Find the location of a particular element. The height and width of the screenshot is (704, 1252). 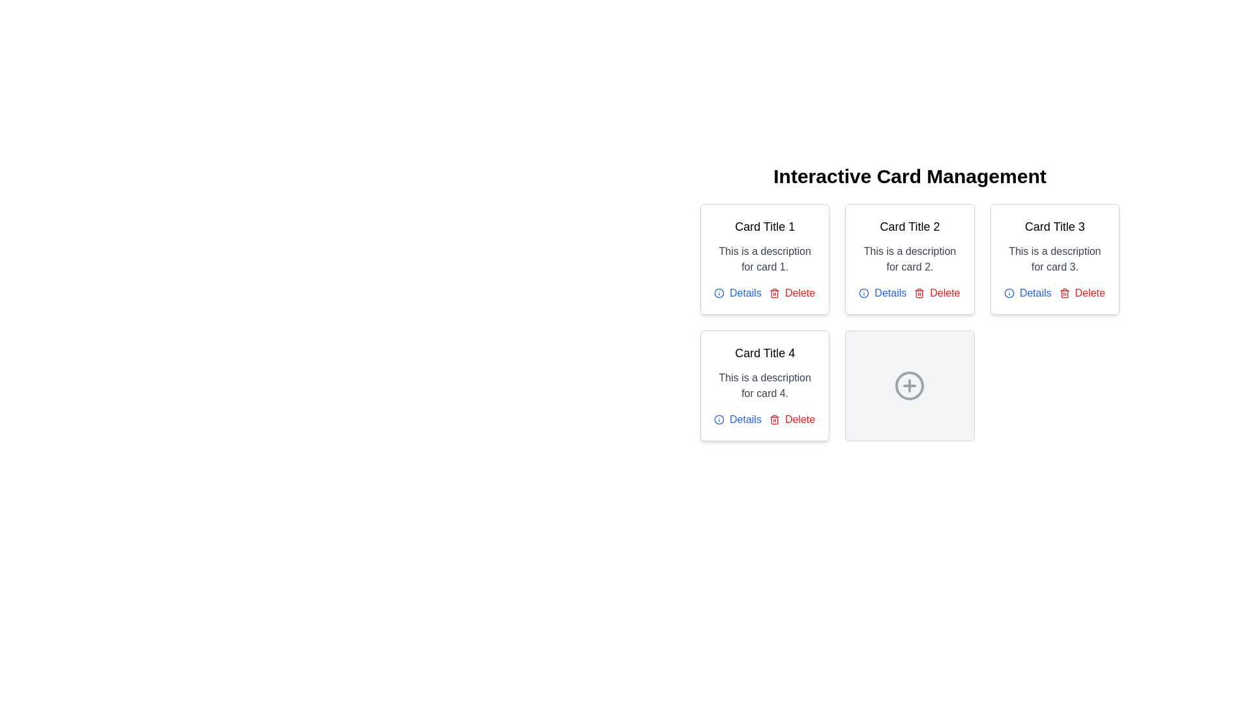

the Icon button, which is a circular button with a plus sign (+) inside it, located at the bottom-right card in the interface below 'Card Title 4' is located at coordinates (909, 385).